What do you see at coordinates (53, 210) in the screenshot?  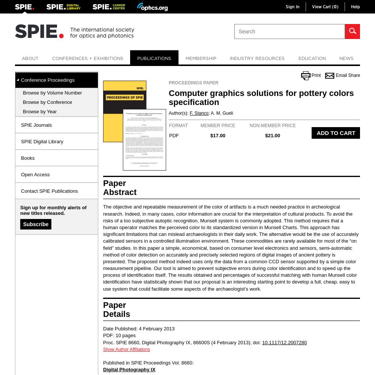 I see `'Sign up for monthly alerts of new titles released.'` at bounding box center [53, 210].